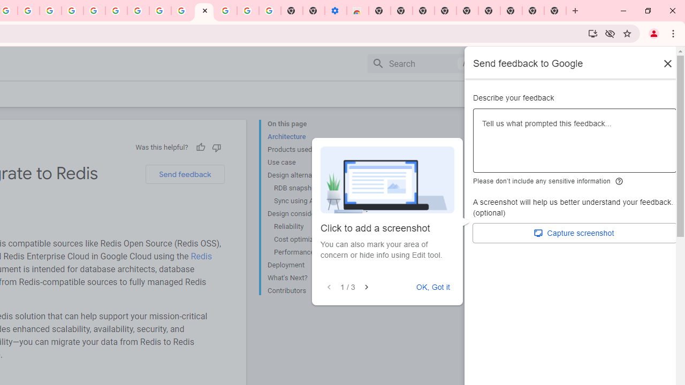 Image resolution: width=685 pixels, height=385 pixels. What do you see at coordinates (313, 226) in the screenshot?
I see `'Reliability'` at bounding box center [313, 226].